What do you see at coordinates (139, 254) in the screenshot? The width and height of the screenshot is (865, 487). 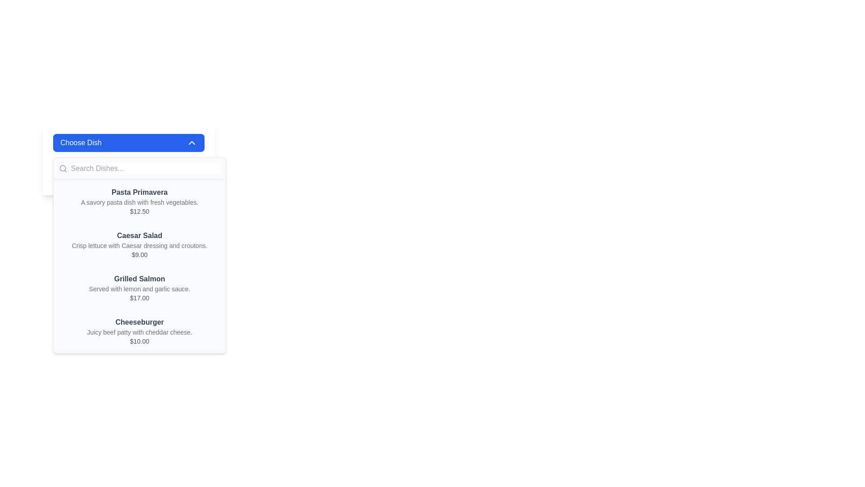 I see `the text label displaying the price '$9.00' located at the bottom of the description block for 'Caesar Salad' in the dropdown menu` at bounding box center [139, 254].